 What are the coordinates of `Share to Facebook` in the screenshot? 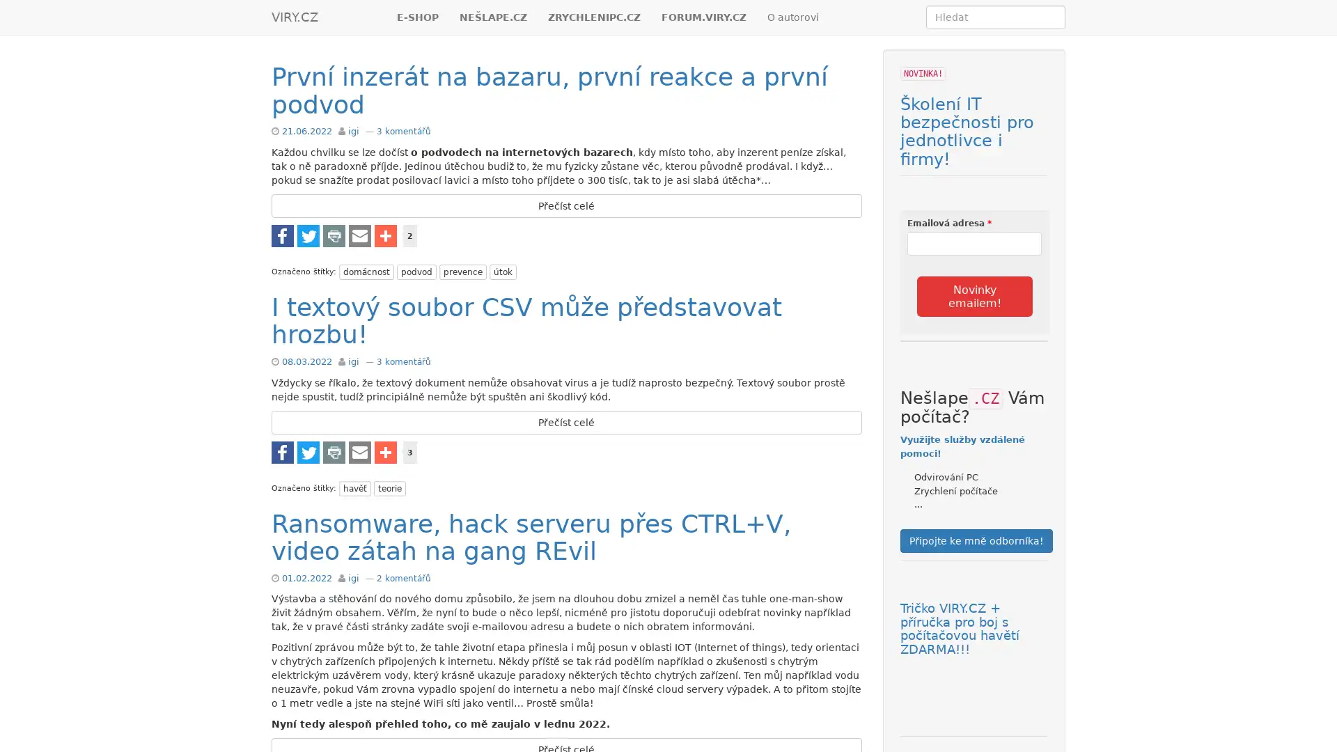 It's located at (282, 235).